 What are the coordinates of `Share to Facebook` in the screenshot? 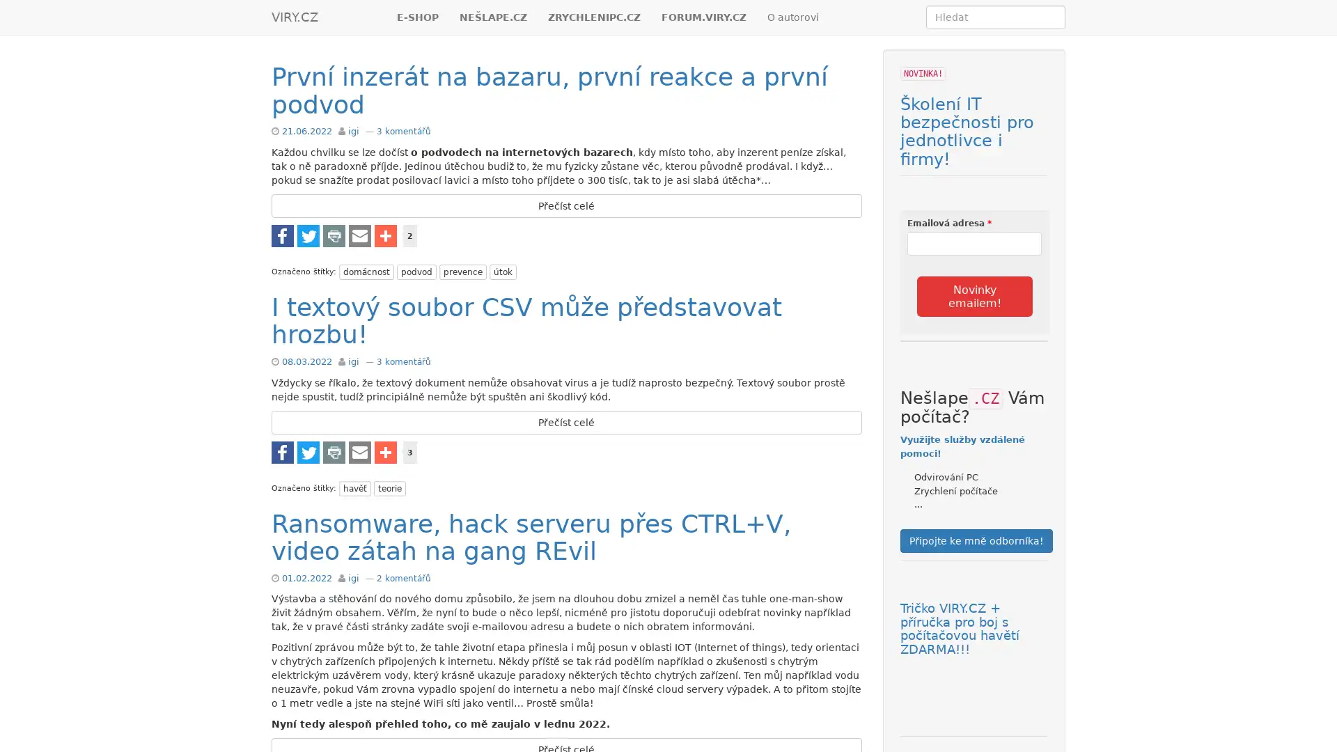 It's located at (282, 235).